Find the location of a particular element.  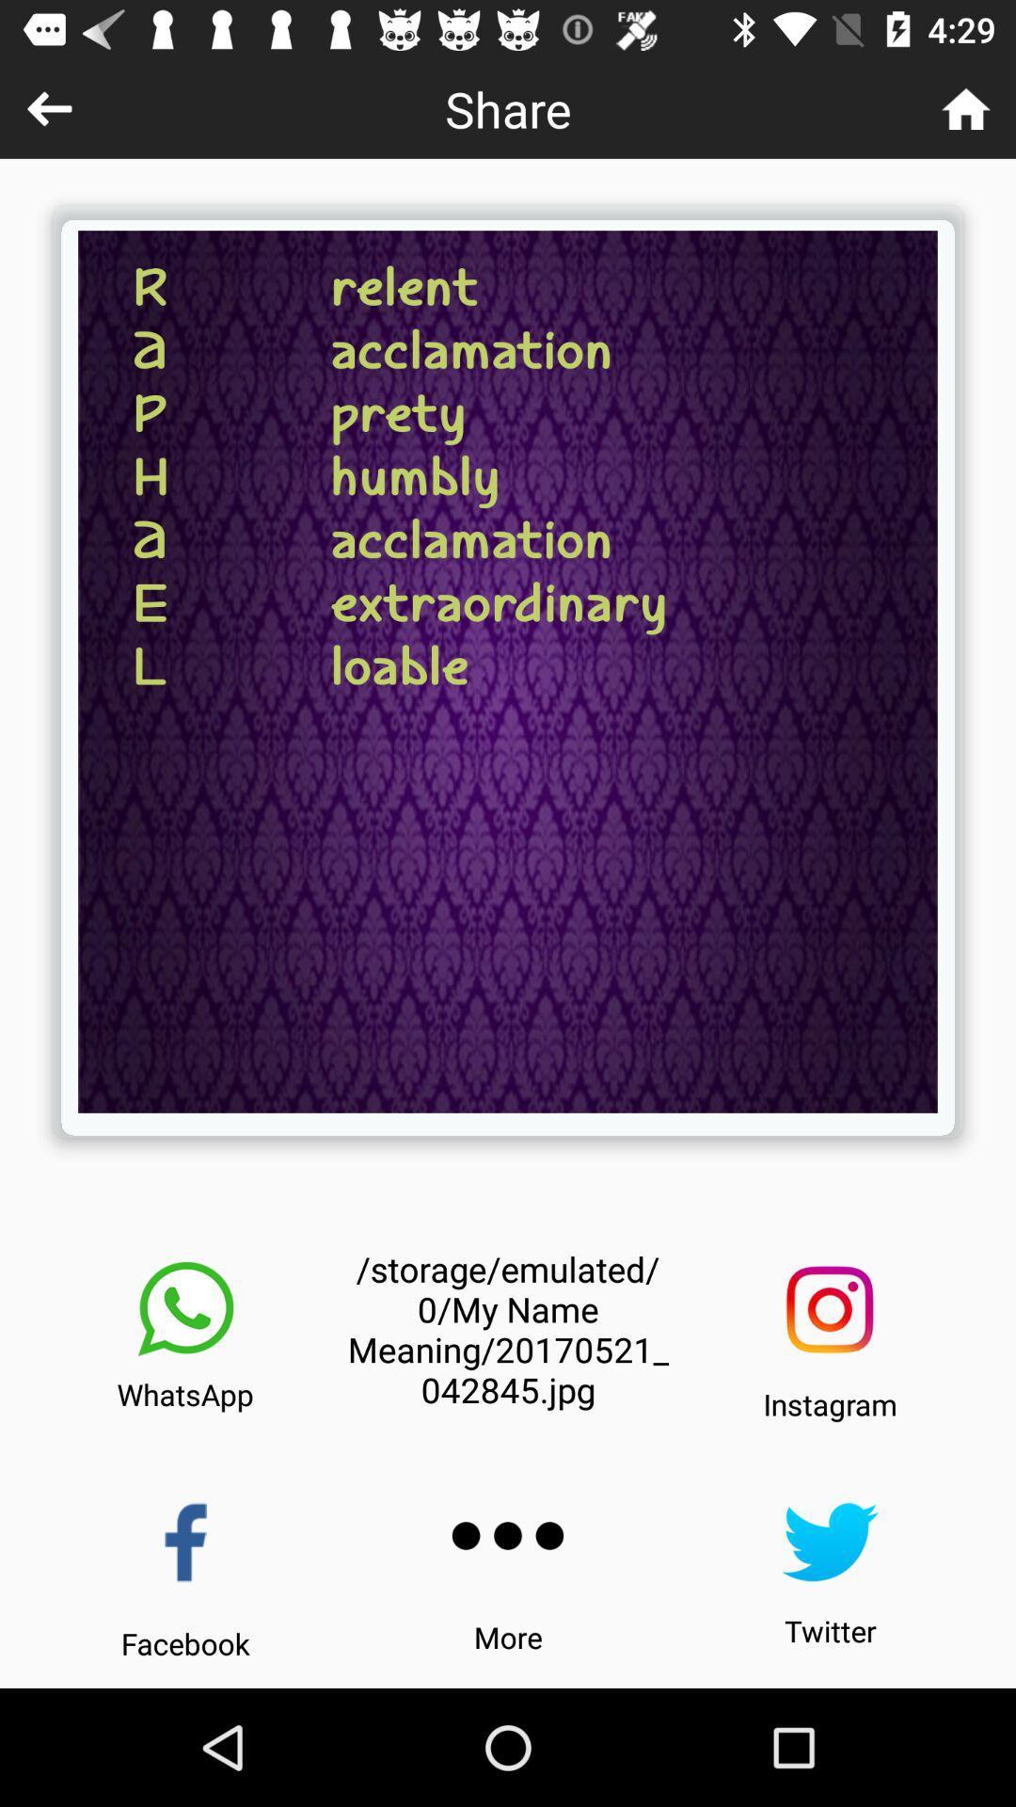

the item next to the share item is located at coordinates (966, 107).